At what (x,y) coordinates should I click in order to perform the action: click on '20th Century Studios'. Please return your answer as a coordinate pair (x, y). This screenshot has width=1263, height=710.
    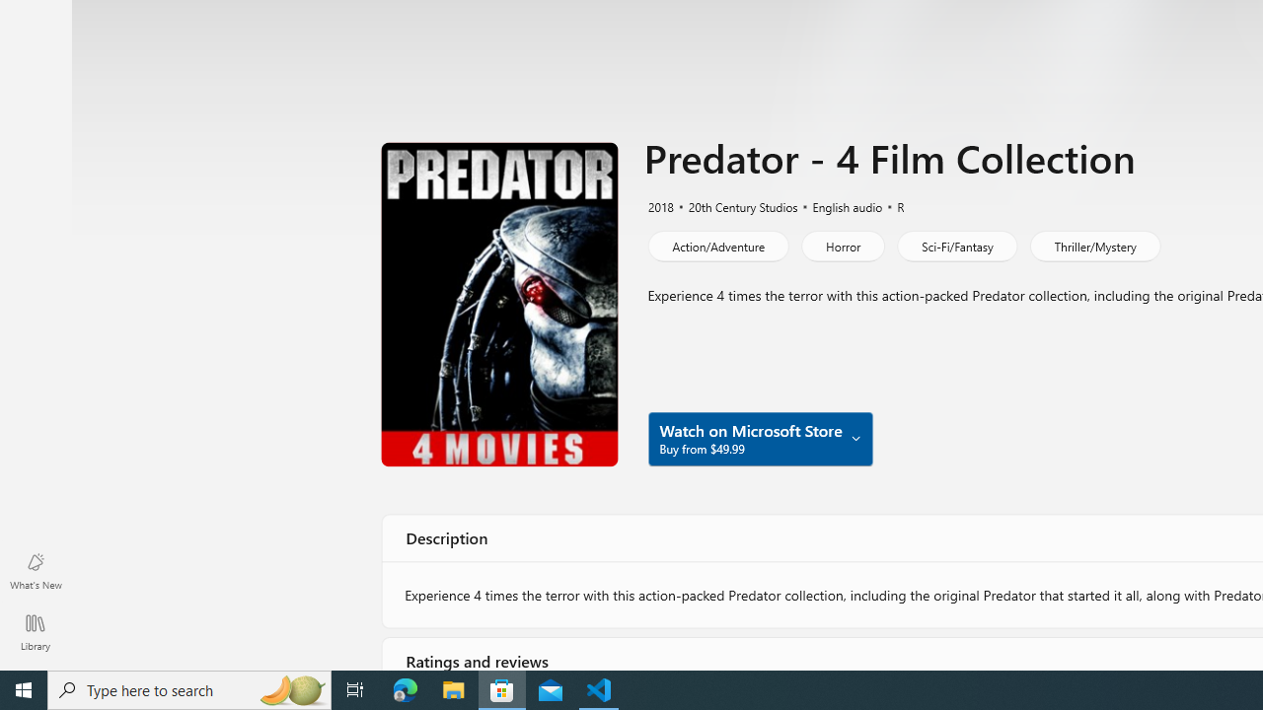
    Looking at the image, I should click on (733, 205).